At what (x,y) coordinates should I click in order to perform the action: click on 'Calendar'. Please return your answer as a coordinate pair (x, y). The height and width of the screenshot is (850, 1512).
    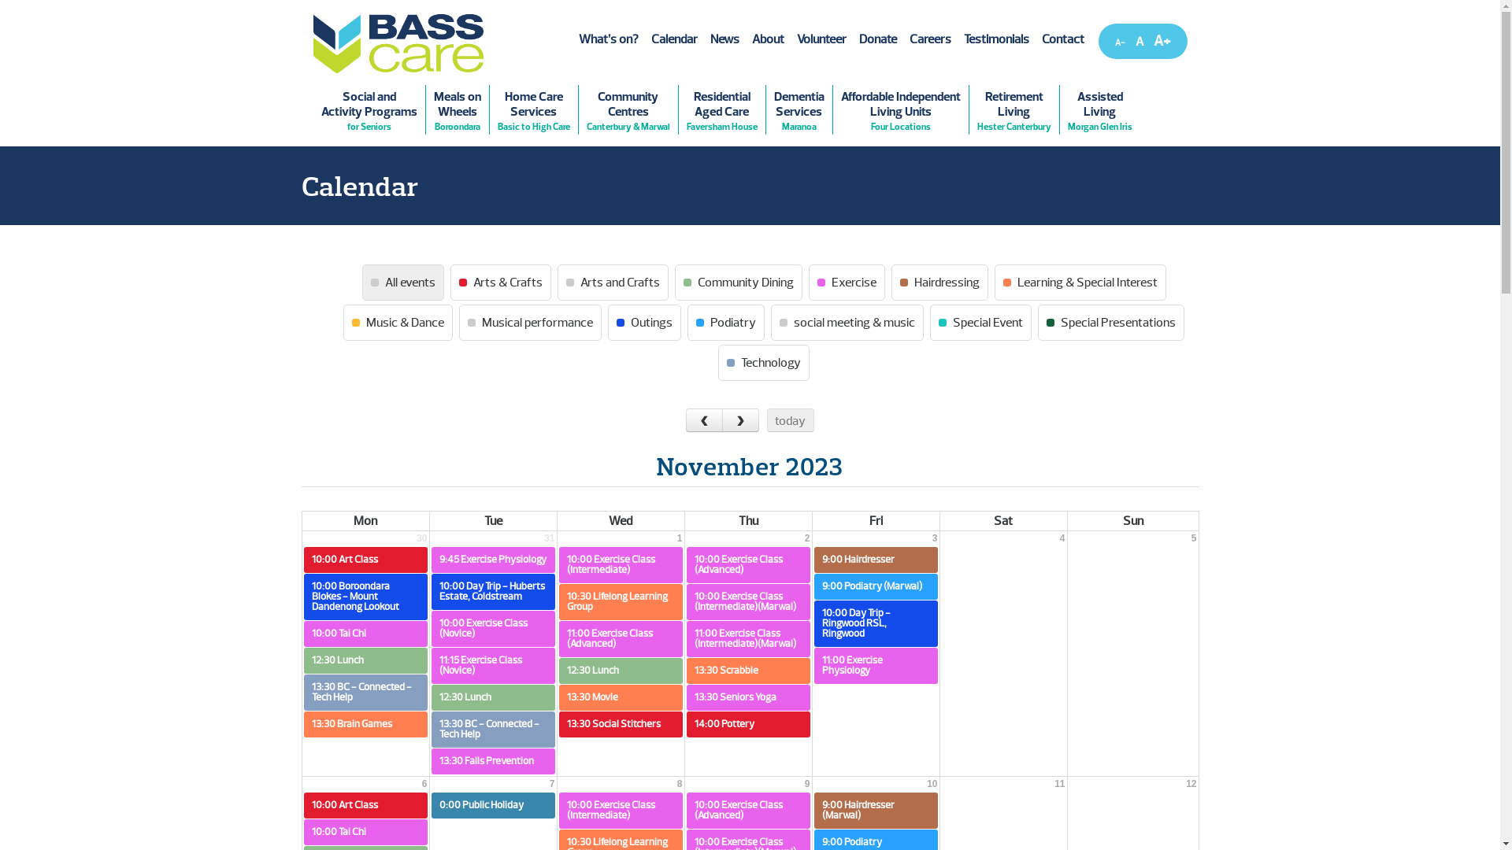
    Looking at the image, I should click on (643, 39).